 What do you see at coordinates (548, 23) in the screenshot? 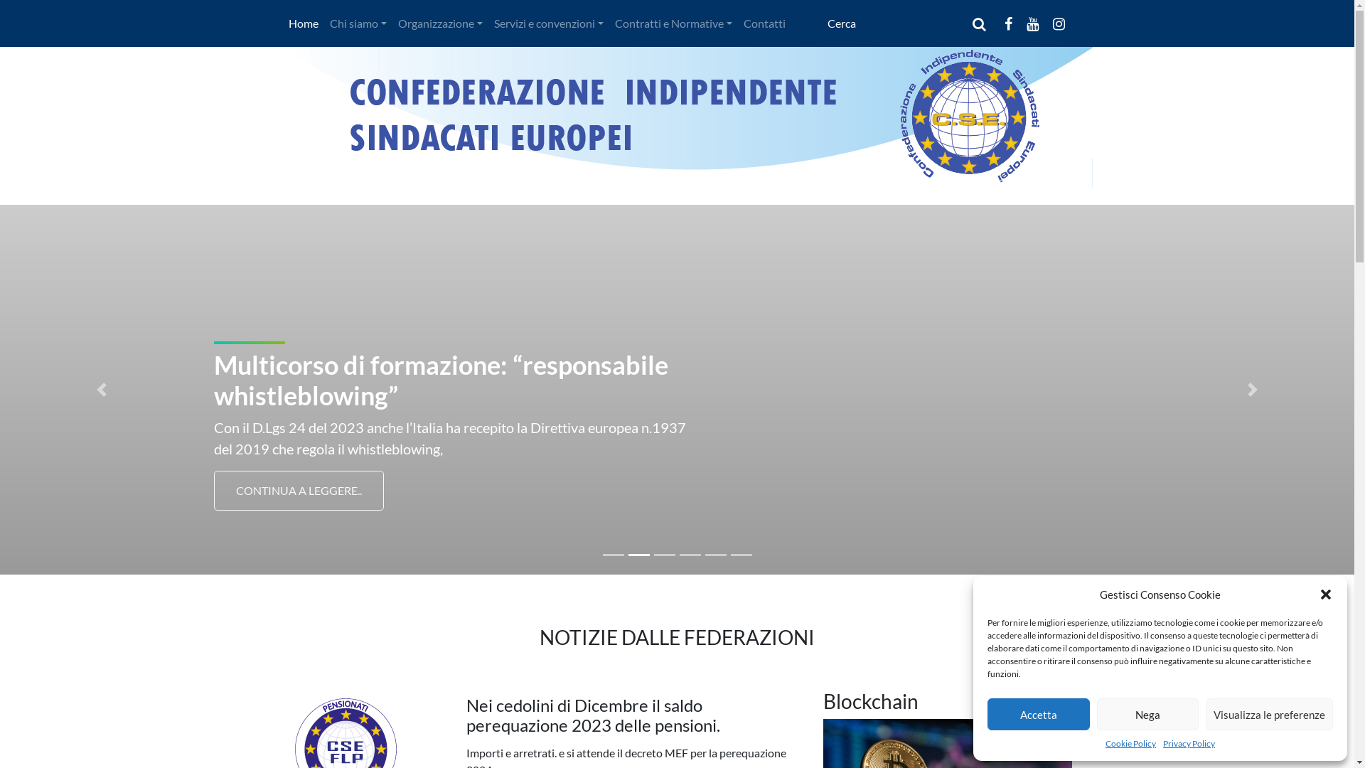
I see `'Servizi e convenzioni'` at bounding box center [548, 23].